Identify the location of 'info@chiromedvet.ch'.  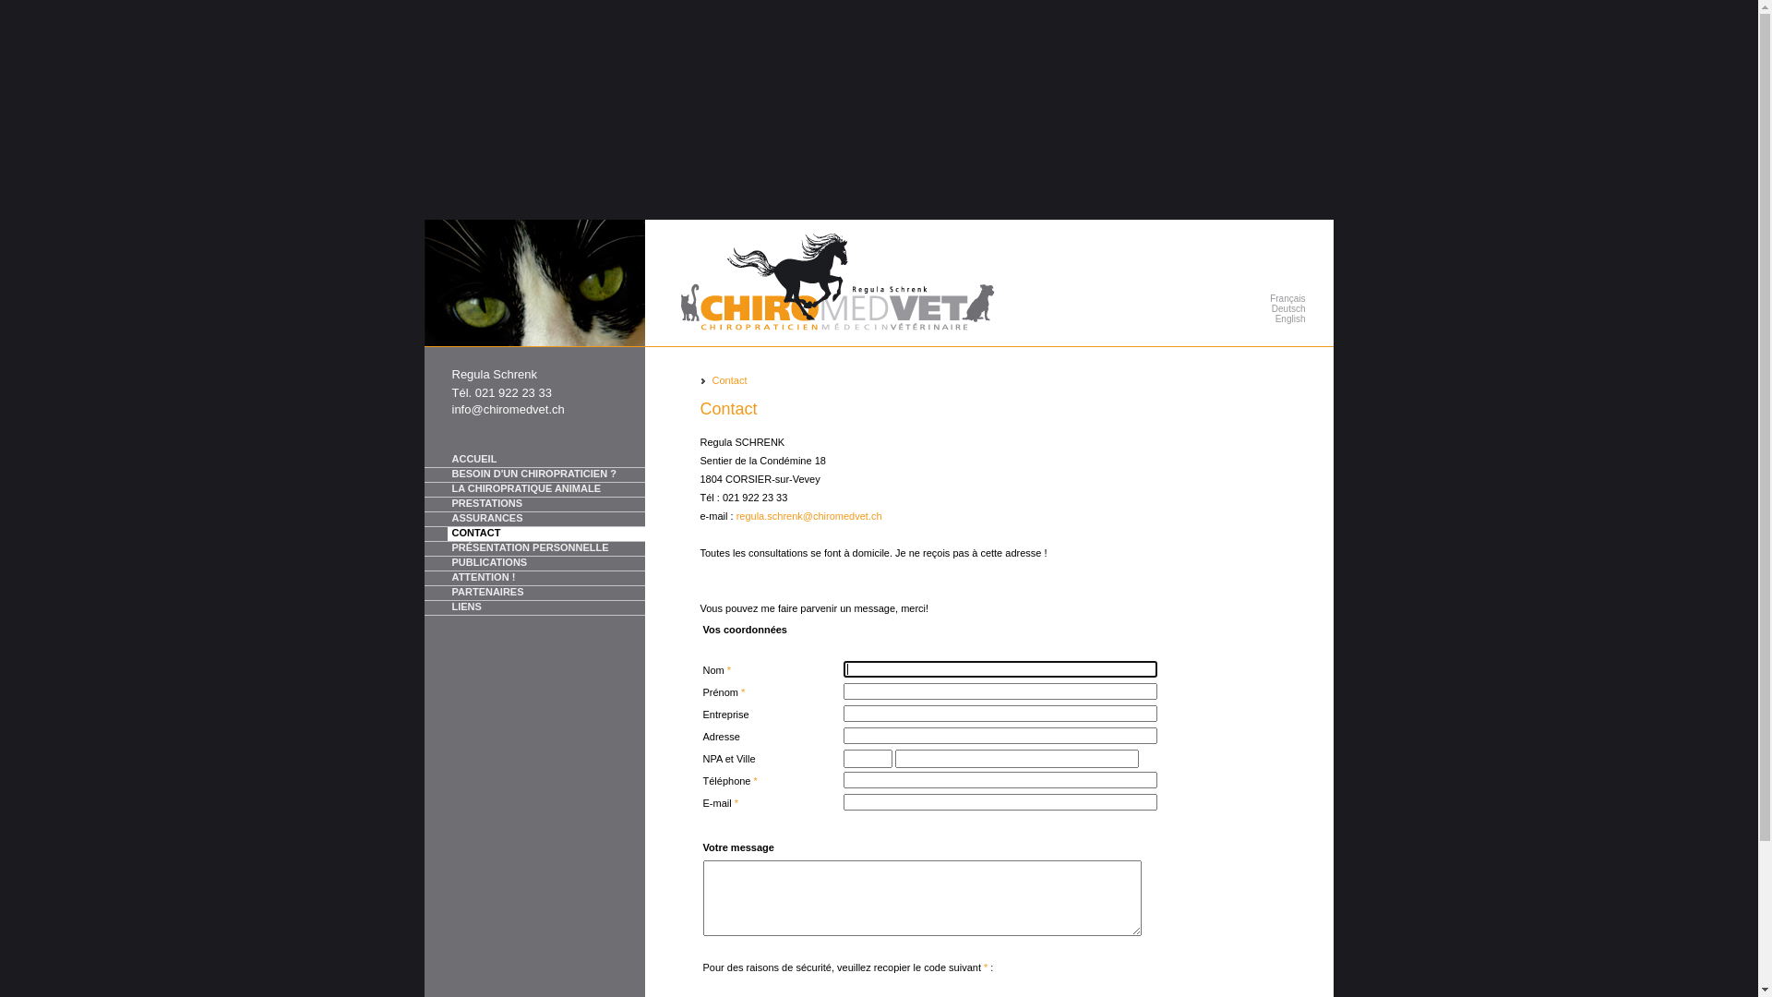
(509, 408).